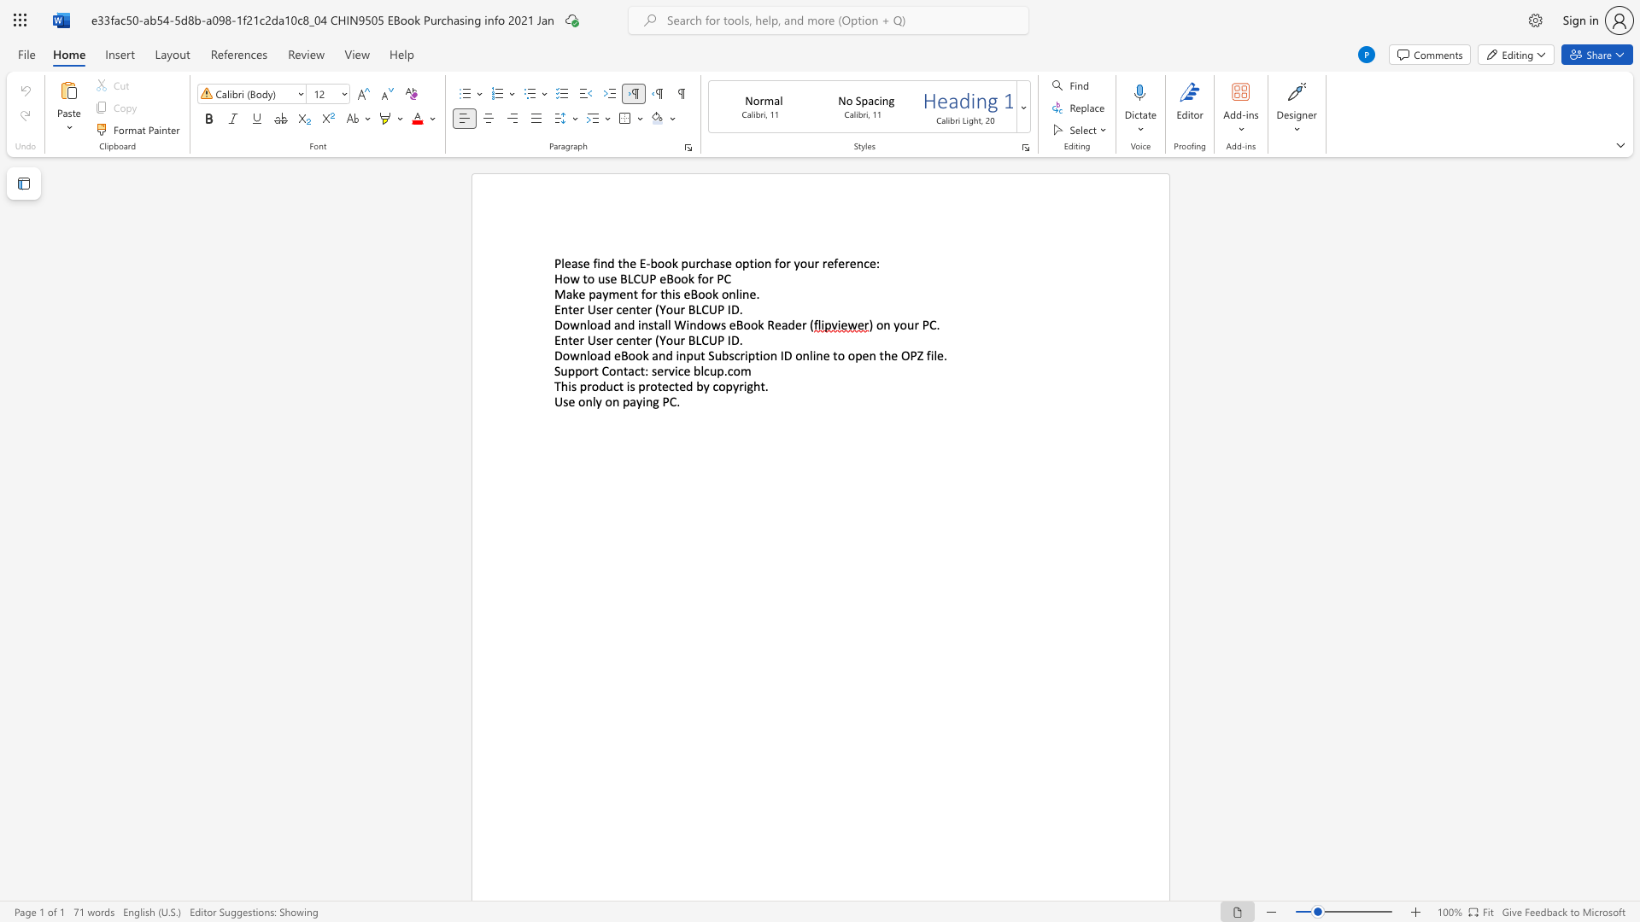 The image size is (1640, 922). Describe the element at coordinates (639, 370) in the screenshot. I see `the subset text "t: servi" within the text "Support Contact: service"` at that location.